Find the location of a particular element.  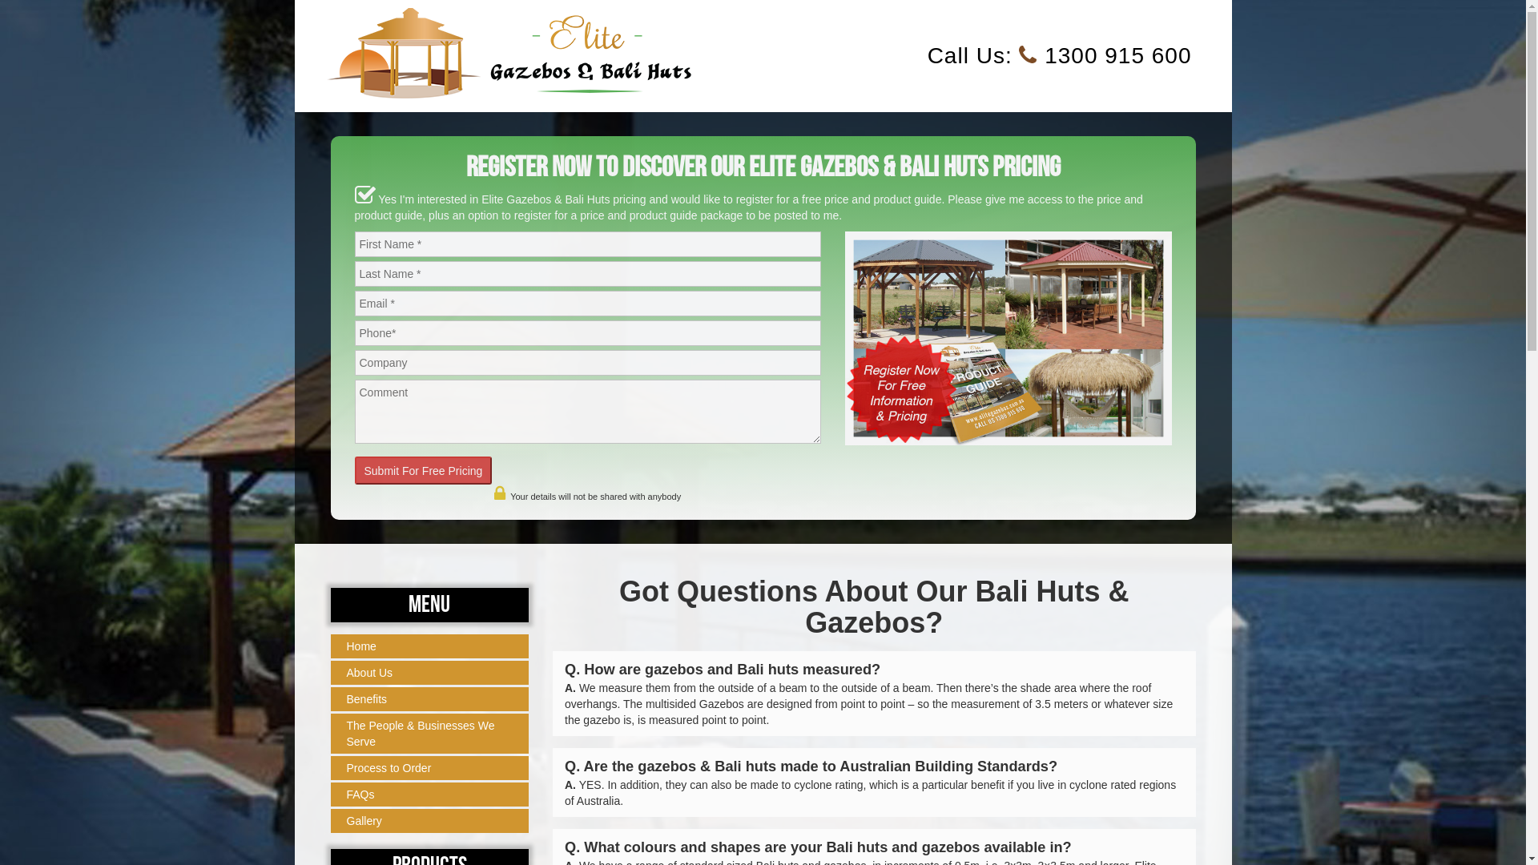

'Process to Order' is located at coordinates (329, 767).